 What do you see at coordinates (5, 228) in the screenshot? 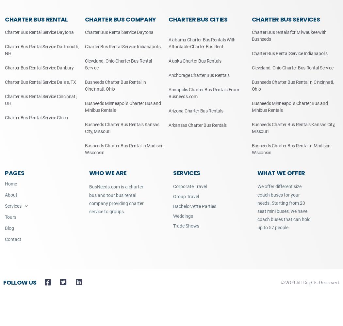
I see `'Blog'` at bounding box center [5, 228].